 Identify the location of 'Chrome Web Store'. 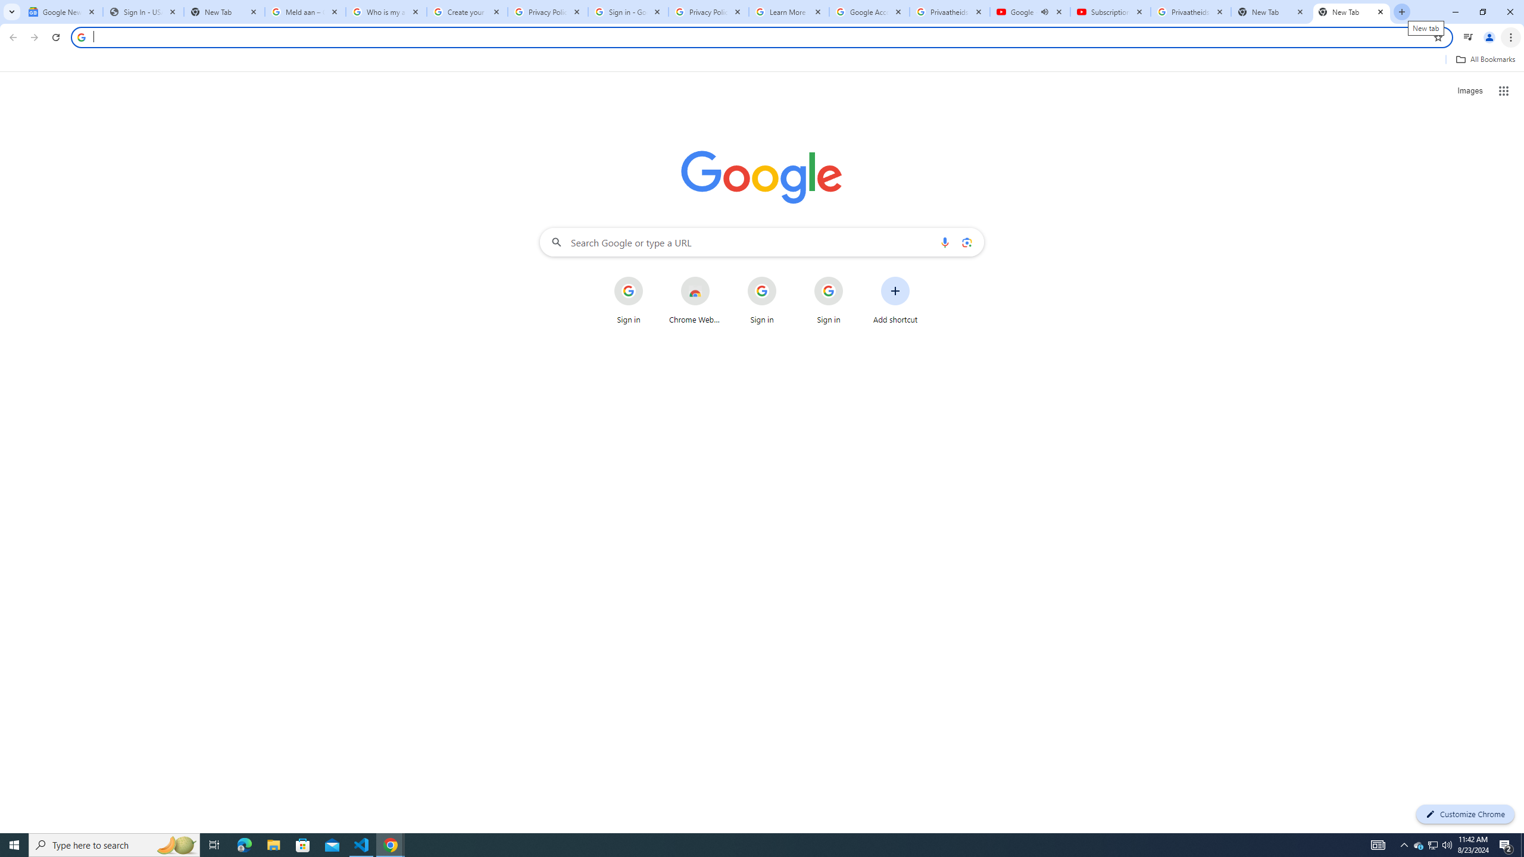
(694, 301).